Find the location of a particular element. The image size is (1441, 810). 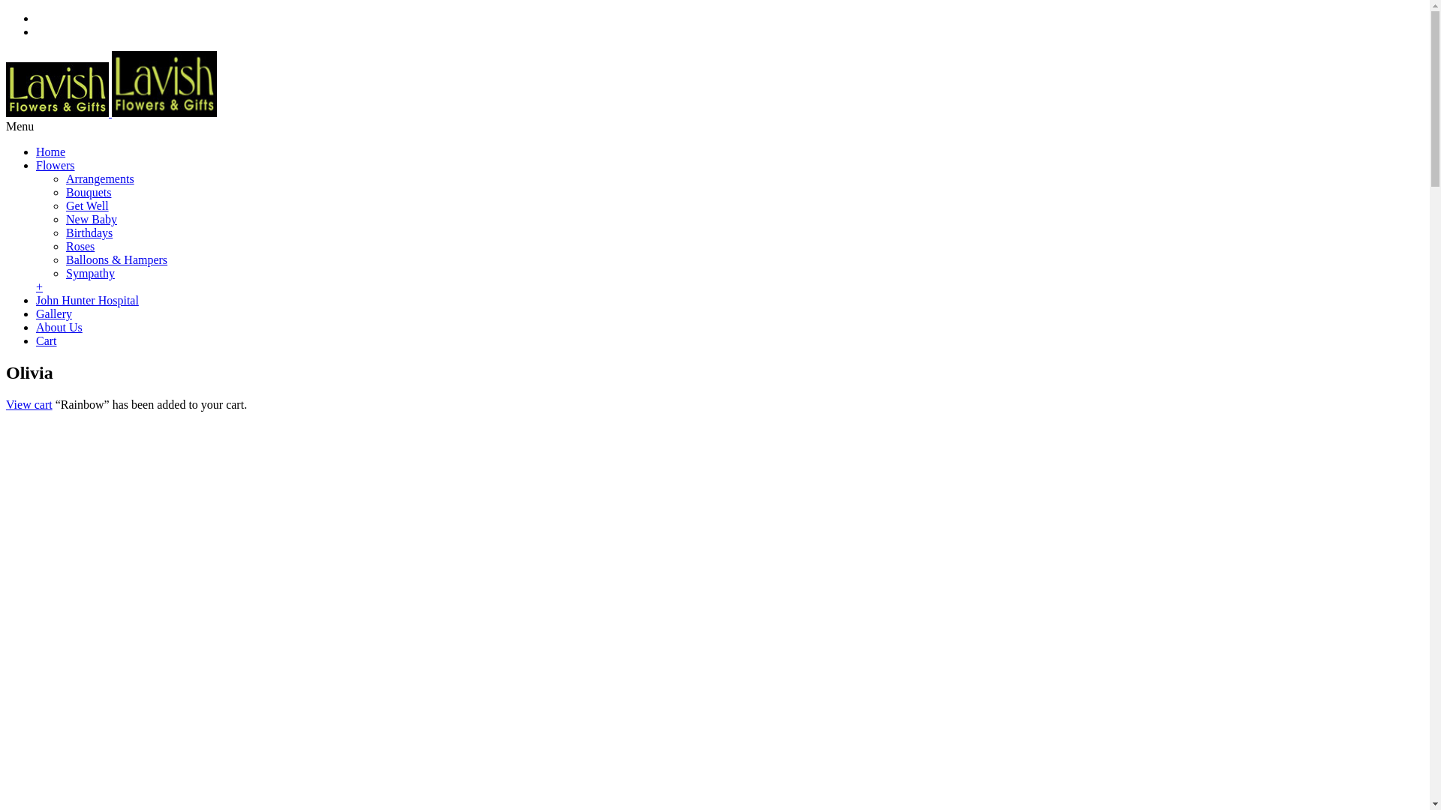

'Gallery' is located at coordinates (54, 313).